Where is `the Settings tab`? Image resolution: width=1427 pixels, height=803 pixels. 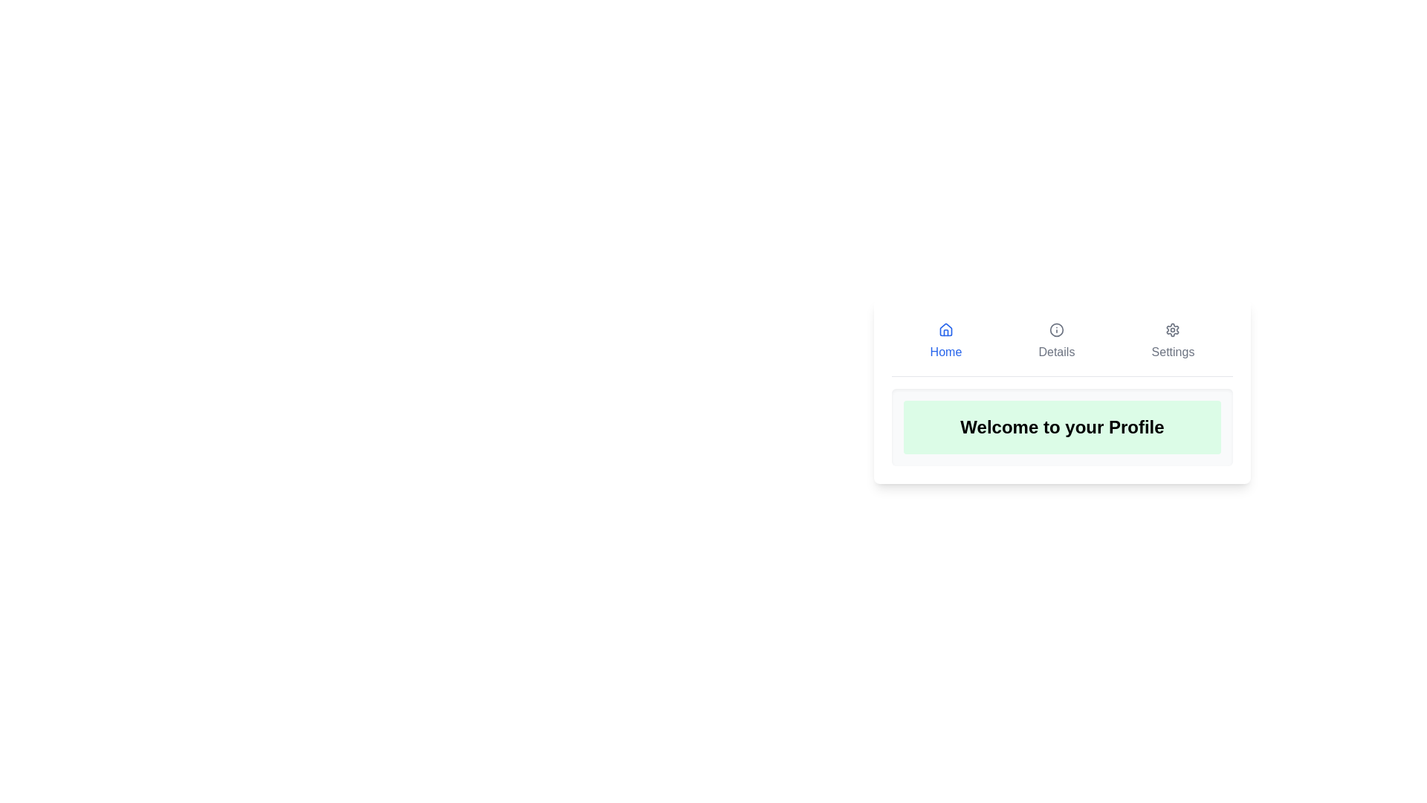
the Settings tab is located at coordinates (1172, 341).